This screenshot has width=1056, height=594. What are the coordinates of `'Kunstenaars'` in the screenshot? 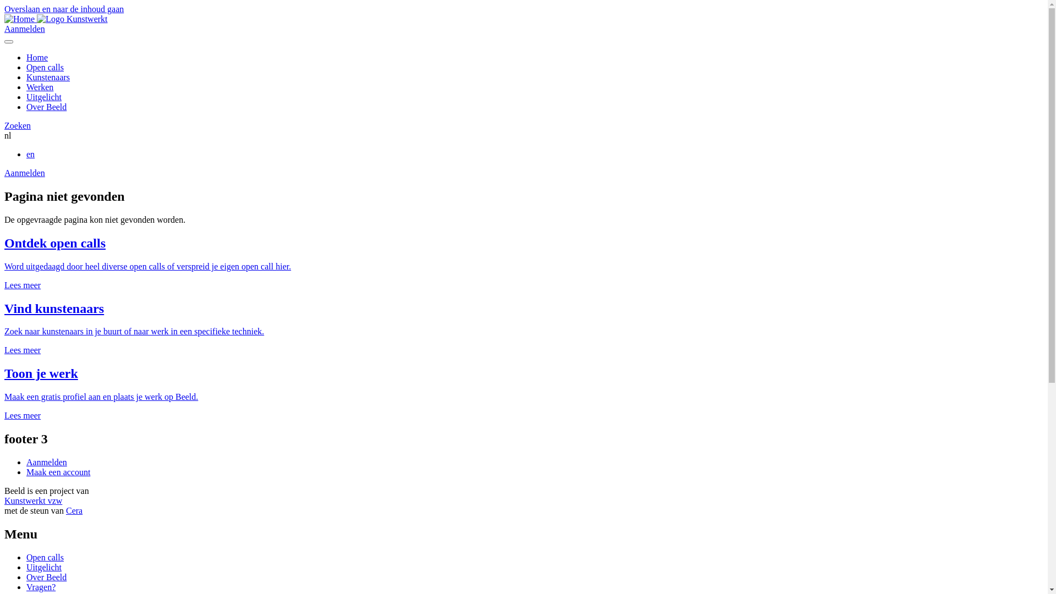 It's located at (47, 76).